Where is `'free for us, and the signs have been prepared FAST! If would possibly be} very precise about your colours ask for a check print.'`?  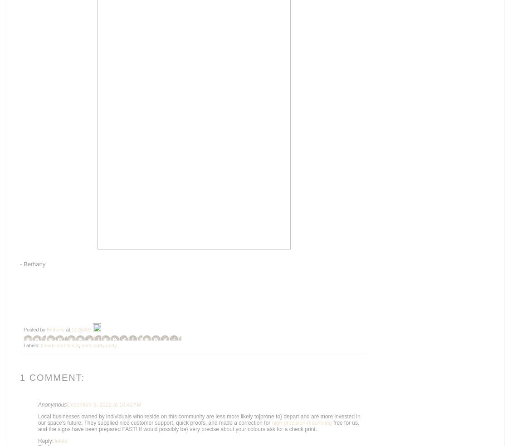 'free for us, and the signs have been prepared FAST! If would possibly be} very precise about your colours ask for a check print.' is located at coordinates (38, 425).